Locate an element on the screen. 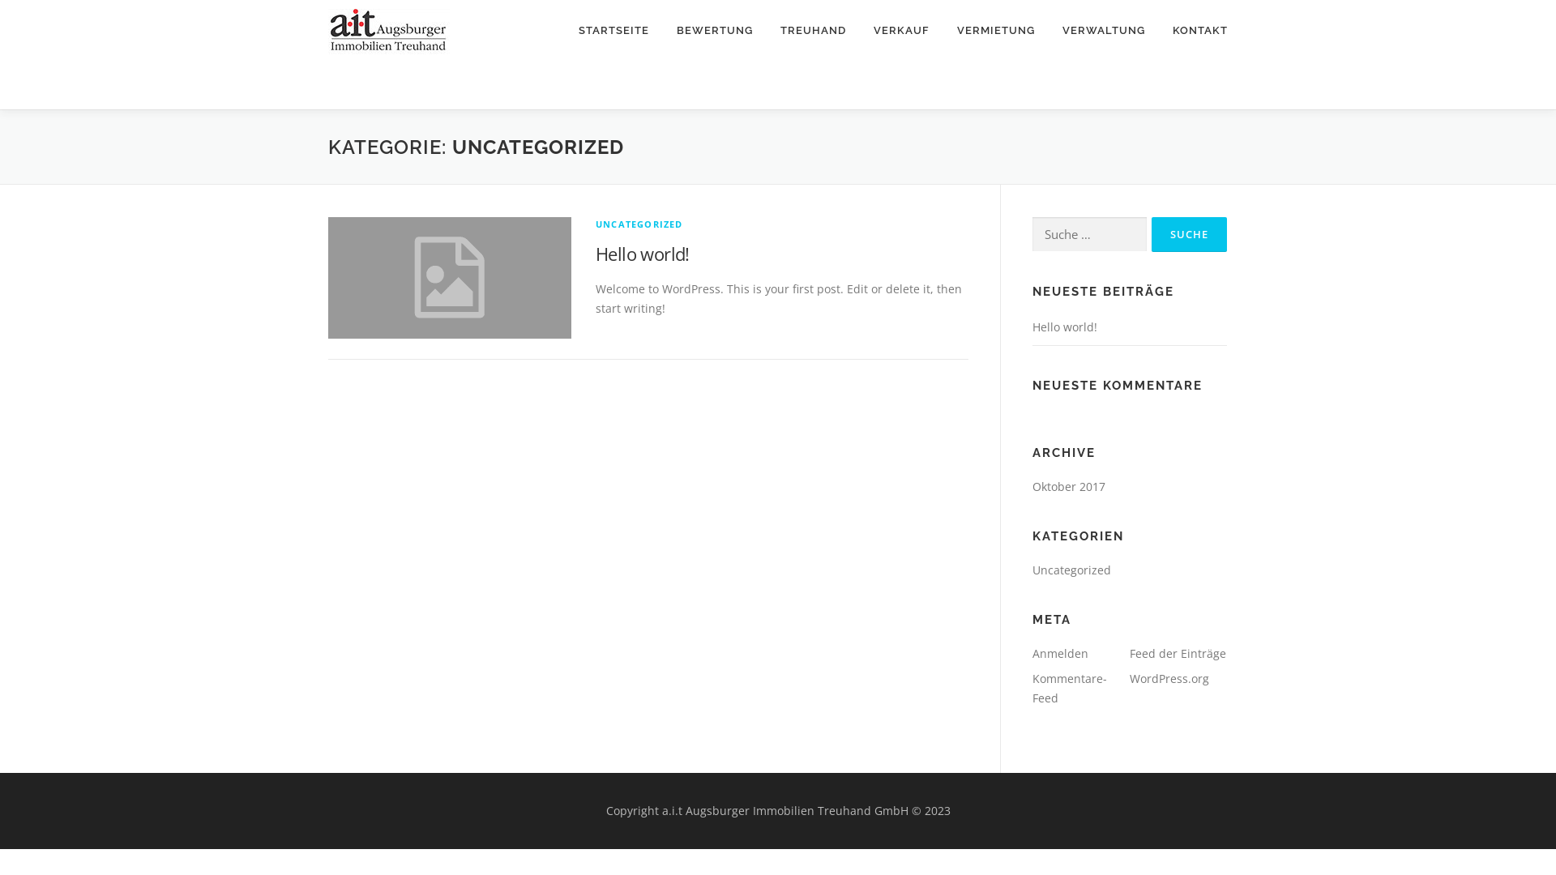 This screenshot has width=1556, height=875. 'VERMIETUNG' is located at coordinates (994, 30).